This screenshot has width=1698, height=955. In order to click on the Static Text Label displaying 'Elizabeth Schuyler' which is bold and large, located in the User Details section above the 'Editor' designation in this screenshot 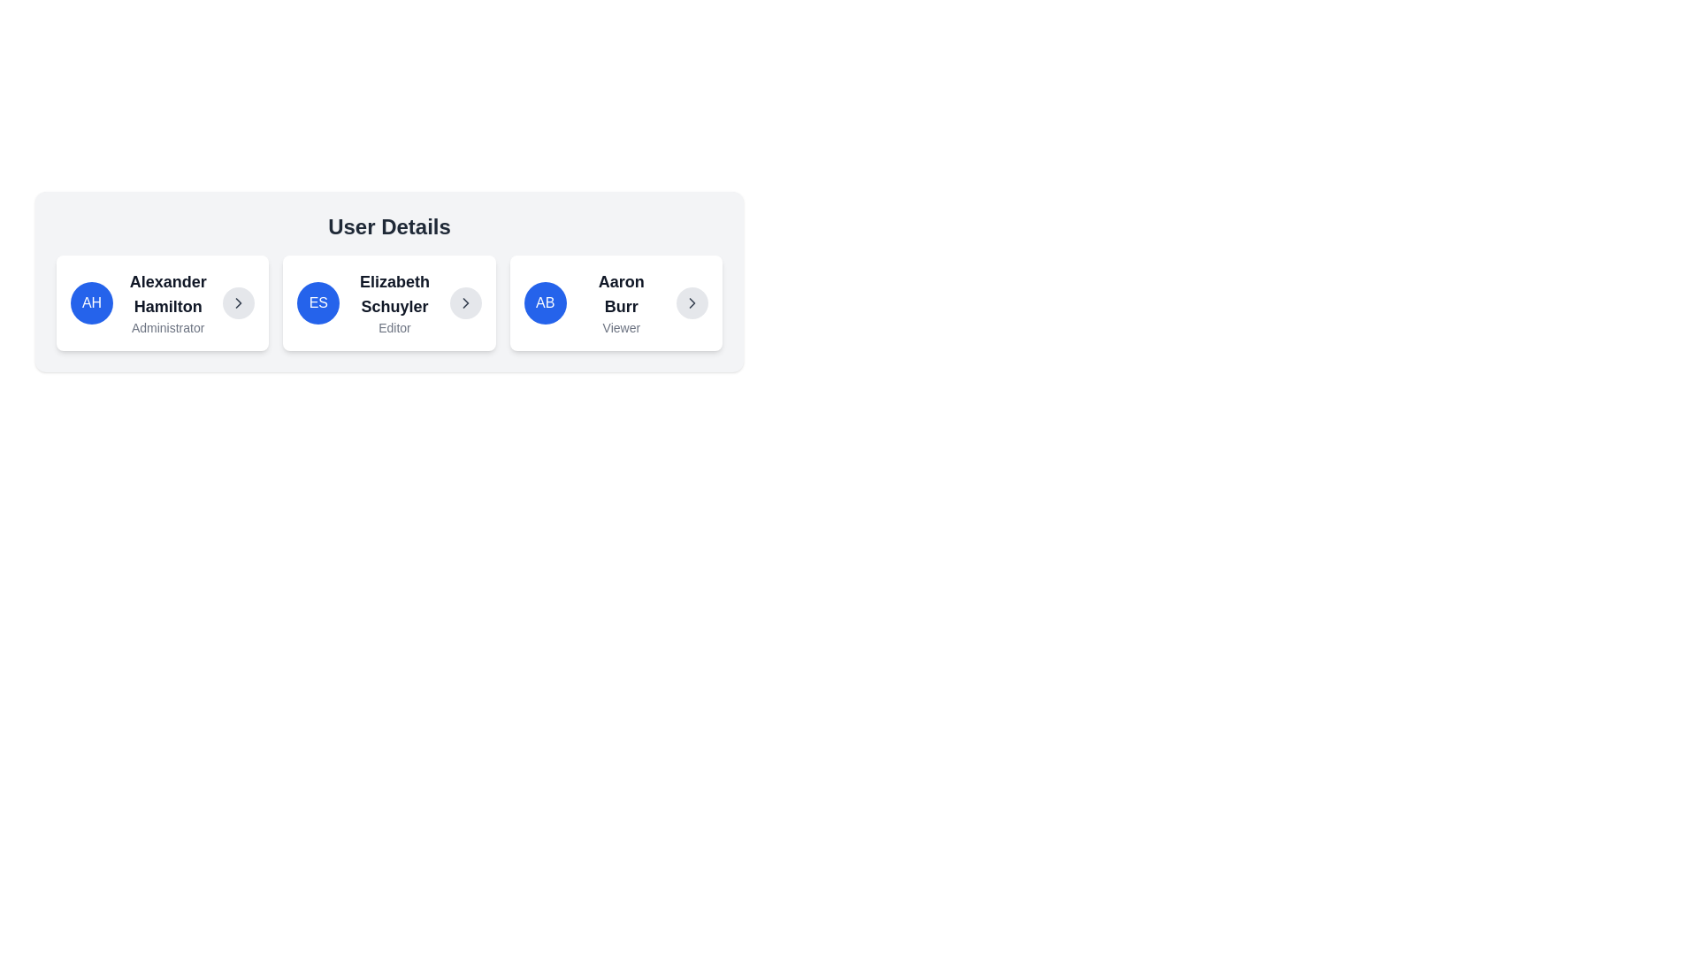, I will do `click(394, 293)`.